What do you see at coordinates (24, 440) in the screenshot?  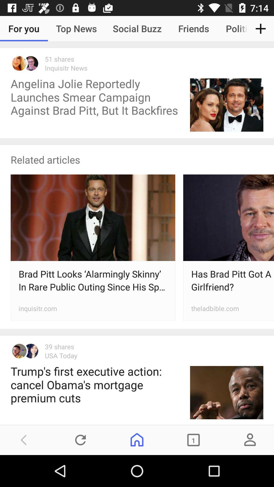 I see `the arrow_backward icon` at bounding box center [24, 440].